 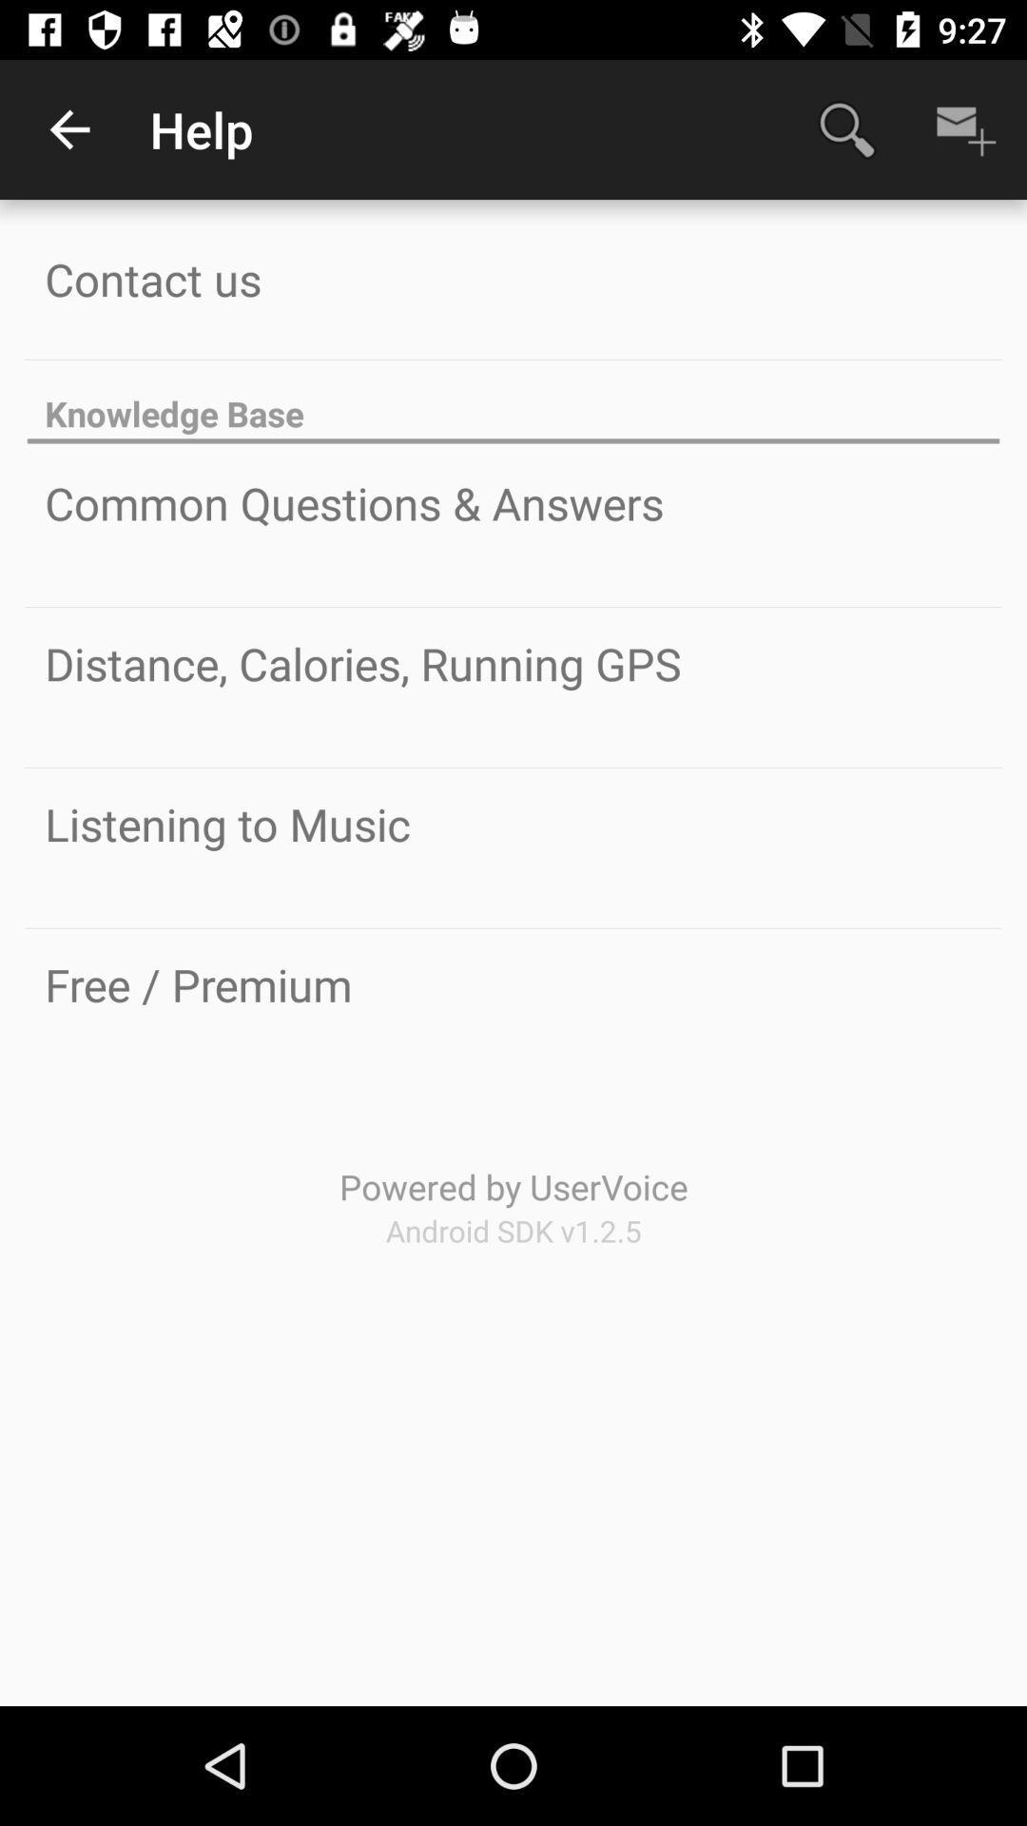 I want to click on item to the right of the help, so click(x=846, y=128).